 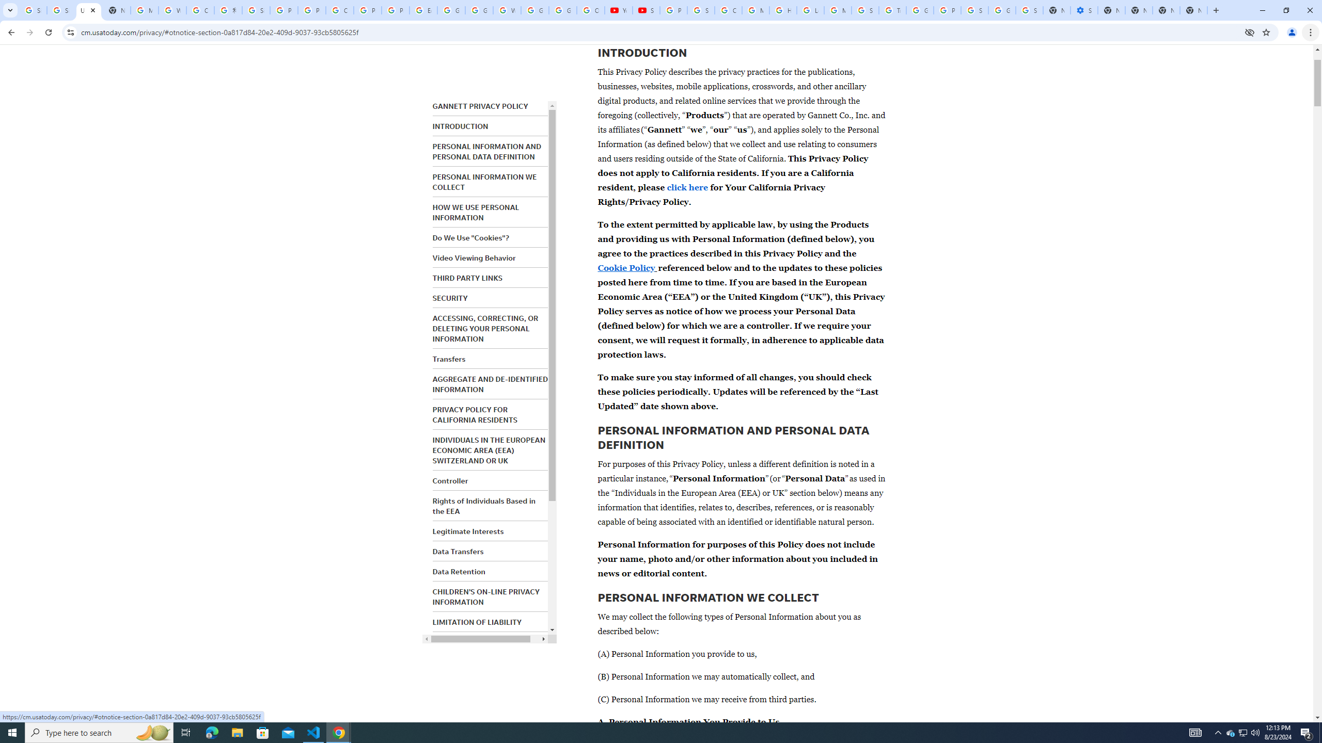 I want to click on 'Google Account', so click(x=562, y=10).